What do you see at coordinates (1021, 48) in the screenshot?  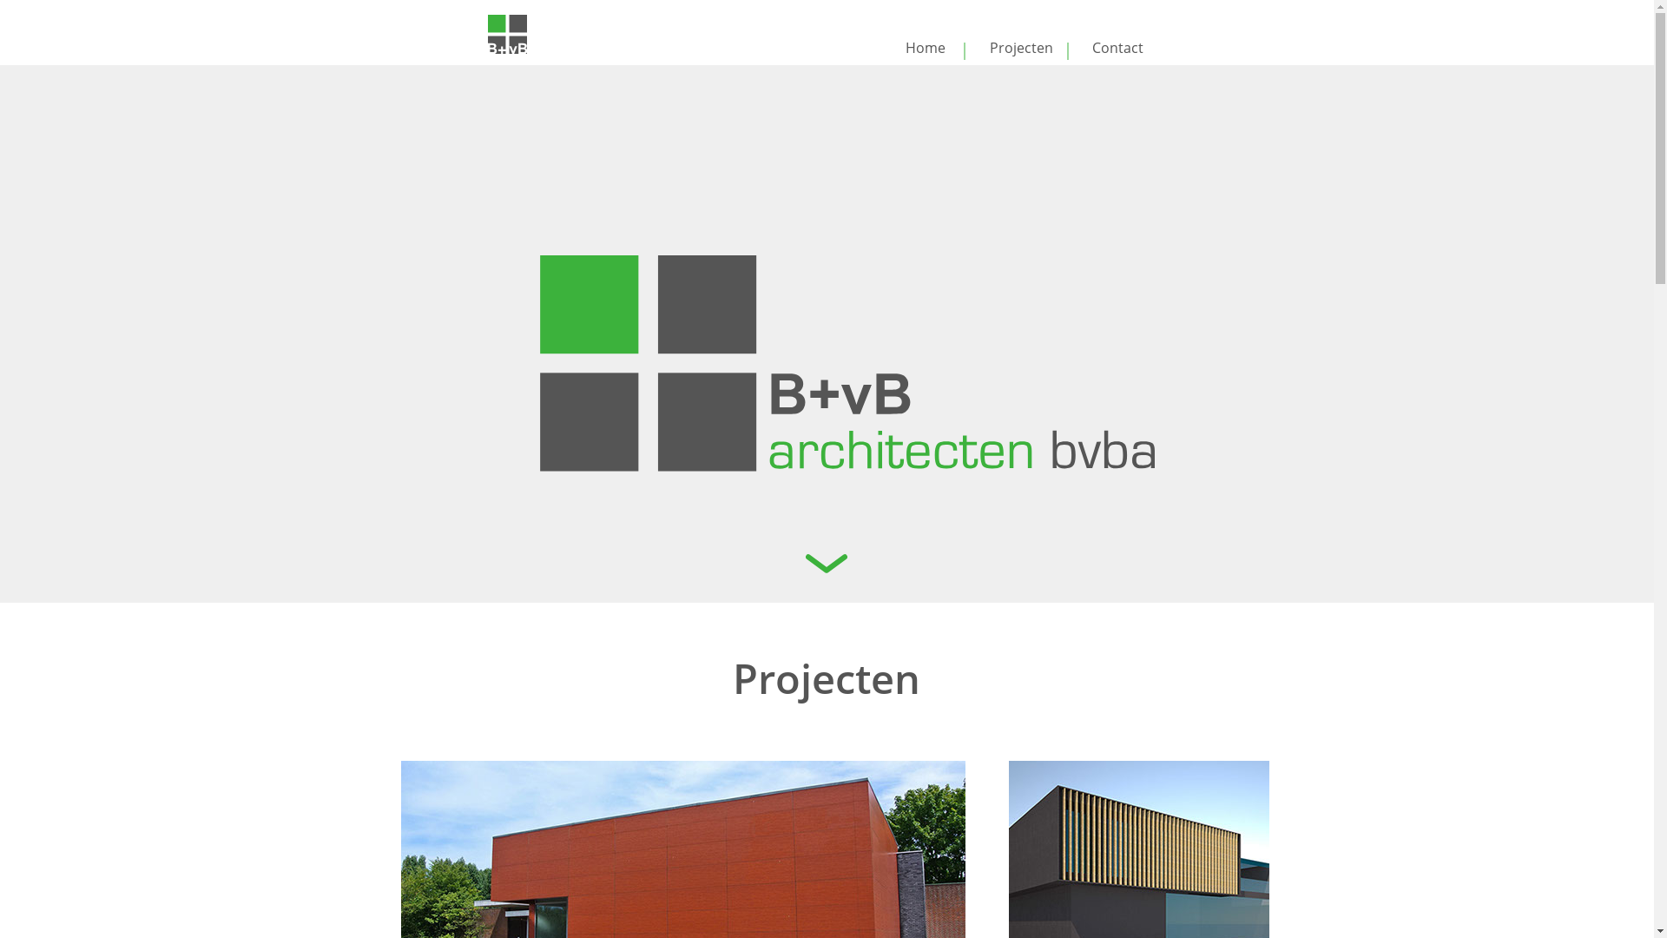 I see `'Projecten'` at bounding box center [1021, 48].